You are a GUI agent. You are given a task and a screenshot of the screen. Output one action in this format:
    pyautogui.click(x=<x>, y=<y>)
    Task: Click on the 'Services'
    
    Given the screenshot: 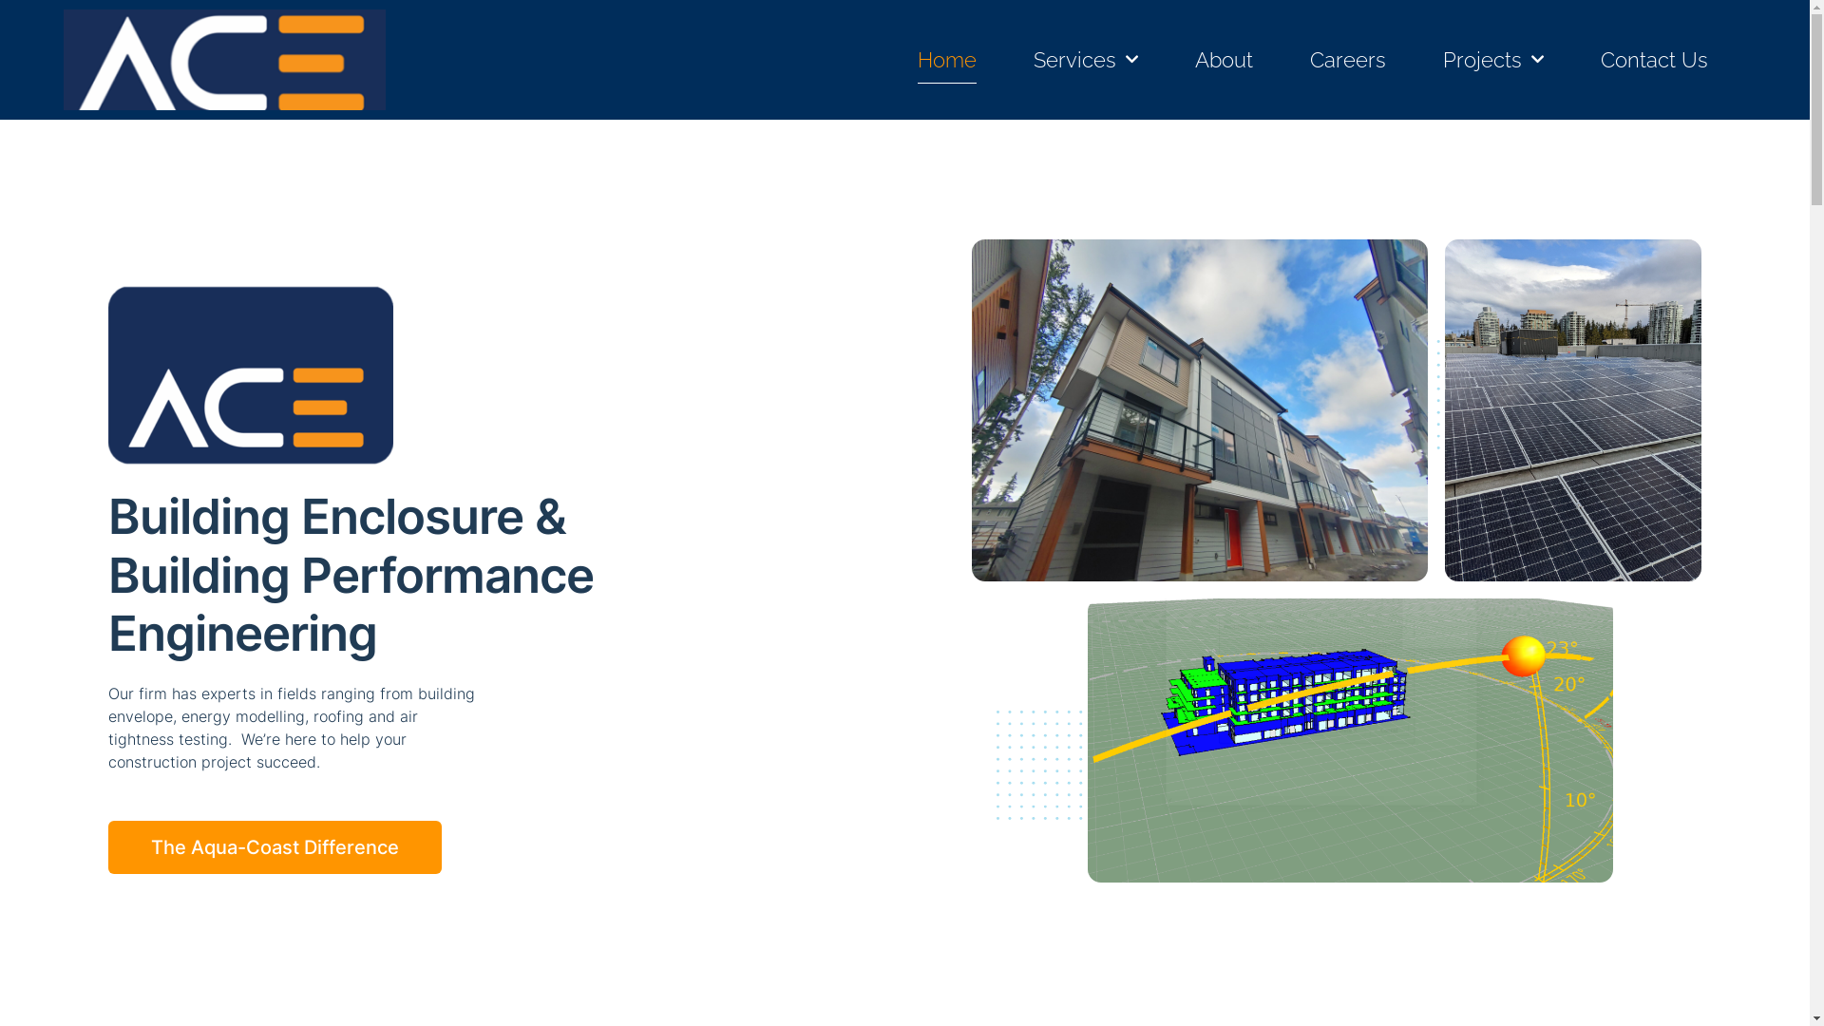 What is the action you would take?
    pyautogui.click(x=1033, y=58)
    